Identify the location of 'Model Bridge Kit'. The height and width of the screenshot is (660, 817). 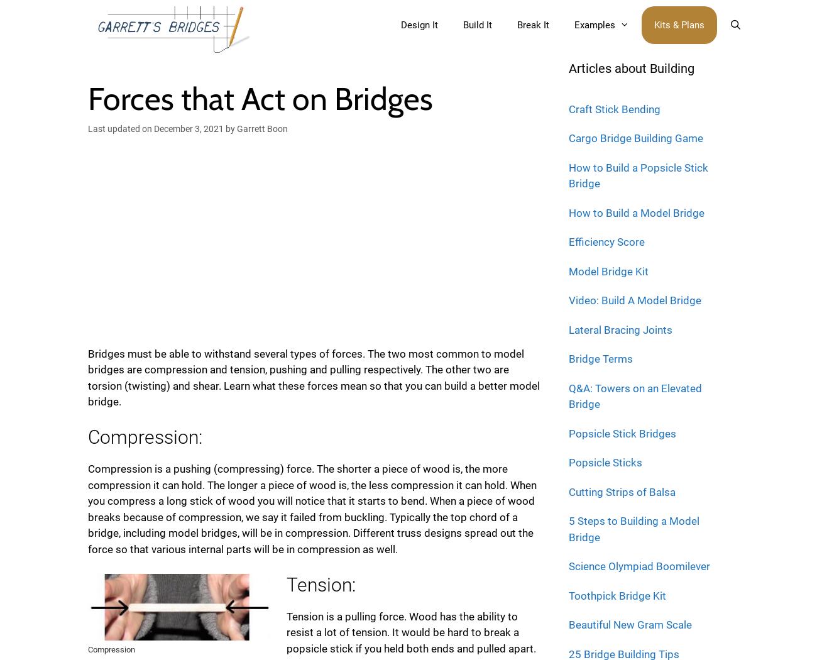
(608, 270).